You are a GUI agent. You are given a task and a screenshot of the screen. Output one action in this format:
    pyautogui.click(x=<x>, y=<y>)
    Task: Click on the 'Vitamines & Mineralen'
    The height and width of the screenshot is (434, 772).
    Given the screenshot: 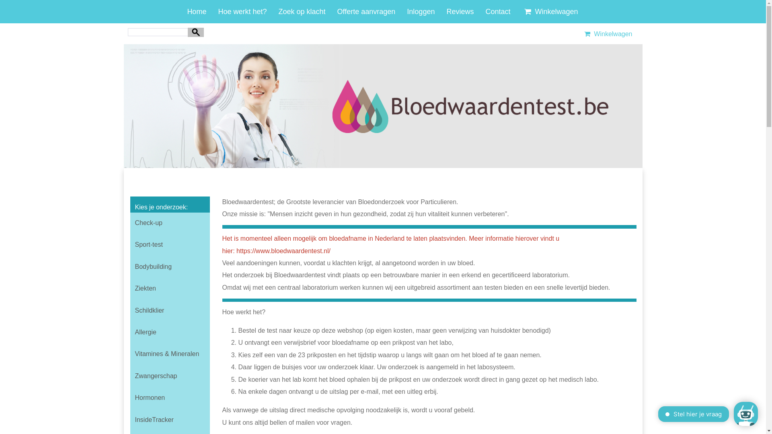 What is the action you would take?
    pyautogui.click(x=169, y=353)
    